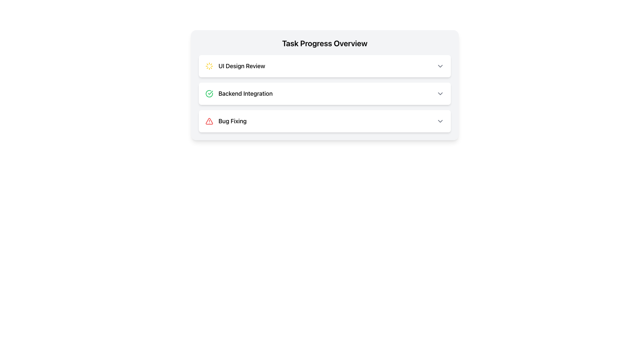 The height and width of the screenshot is (354, 630). I want to click on the 'Bug Fixing' task status dropdown item located beneath the 'Backend Integration' section, so click(325, 121).